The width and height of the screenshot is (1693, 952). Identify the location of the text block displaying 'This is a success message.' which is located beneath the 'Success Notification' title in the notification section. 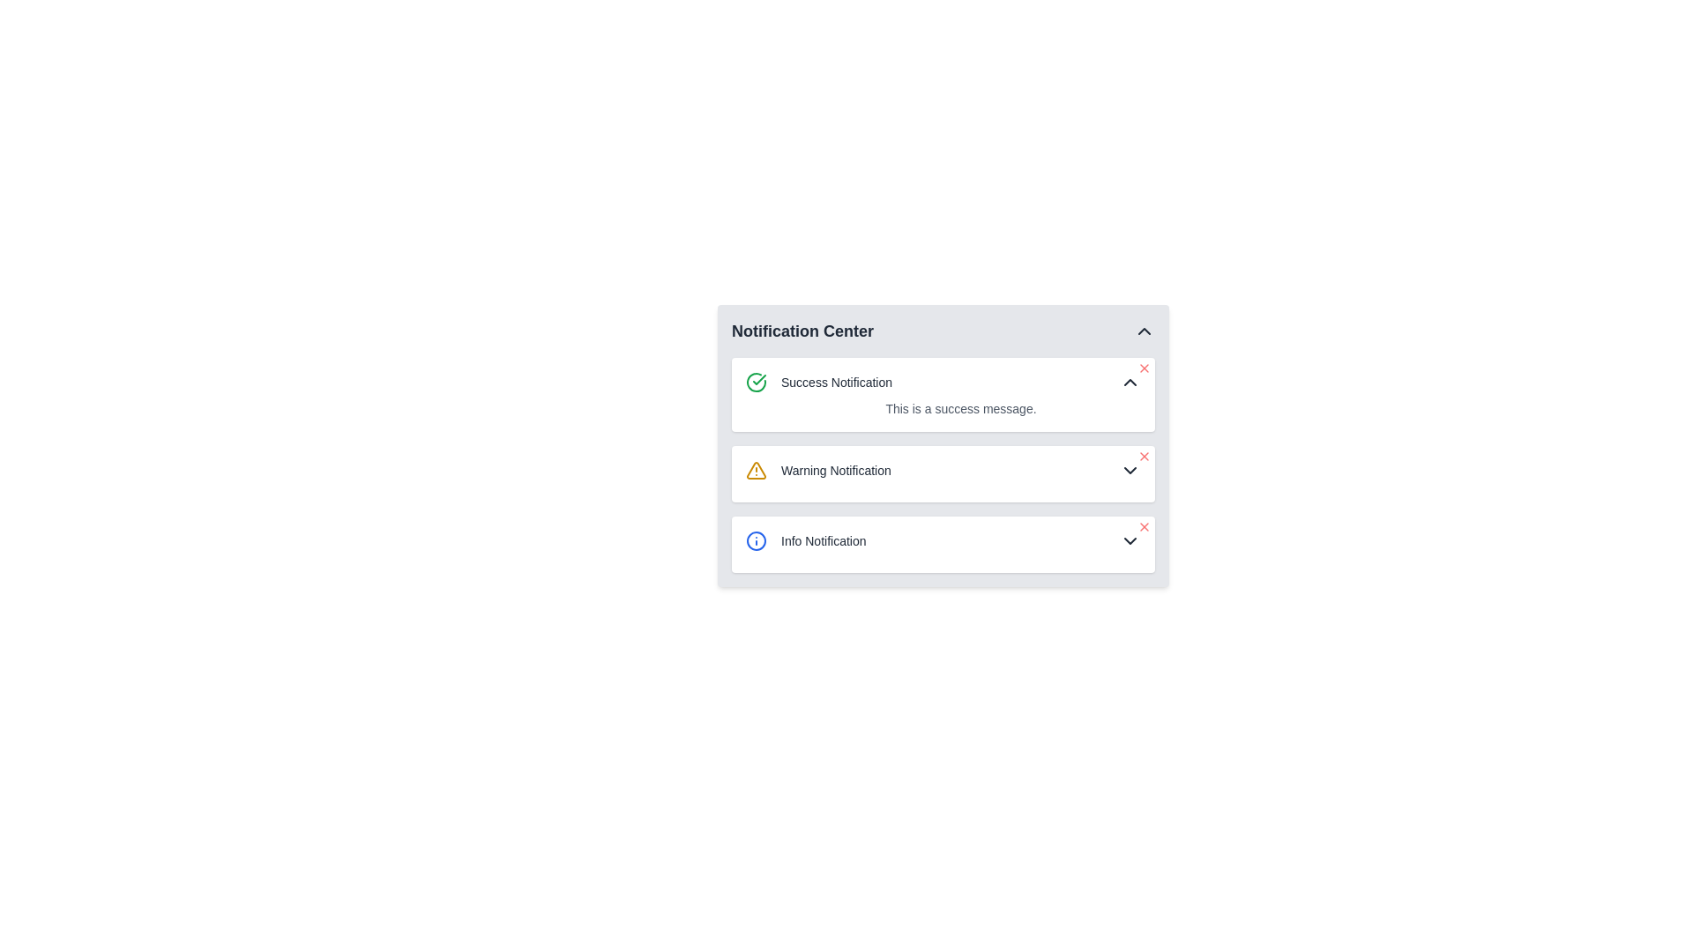
(959, 408).